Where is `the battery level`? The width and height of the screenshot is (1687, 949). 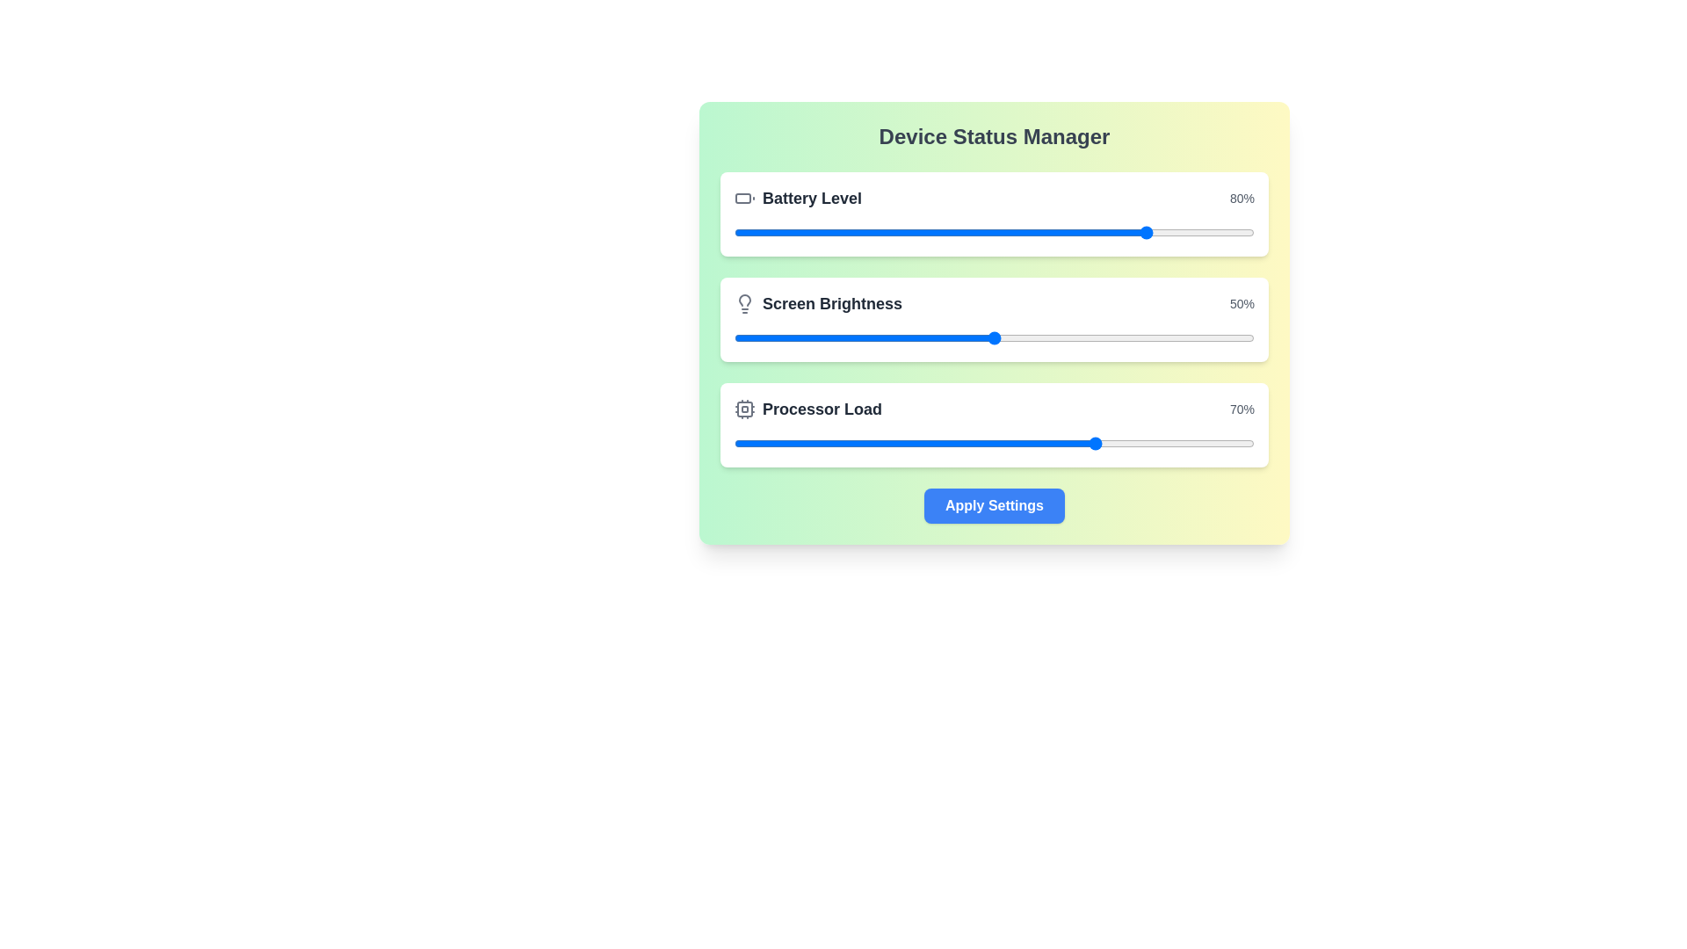 the battery level is located at coordinates (880, 232).